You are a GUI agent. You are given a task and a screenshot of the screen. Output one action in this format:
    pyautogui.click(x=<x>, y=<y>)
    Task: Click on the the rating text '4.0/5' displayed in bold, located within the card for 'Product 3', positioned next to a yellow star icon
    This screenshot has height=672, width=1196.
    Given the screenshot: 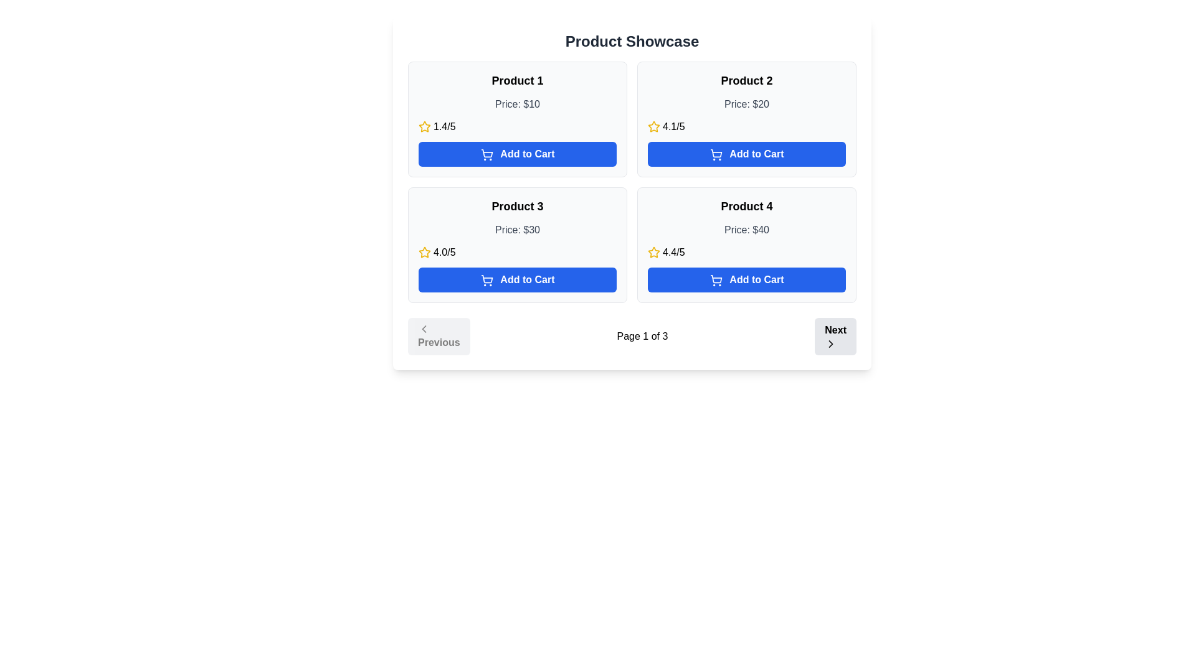 What is the action you would take?
    pyautogui.click(x=444, y=252)
    